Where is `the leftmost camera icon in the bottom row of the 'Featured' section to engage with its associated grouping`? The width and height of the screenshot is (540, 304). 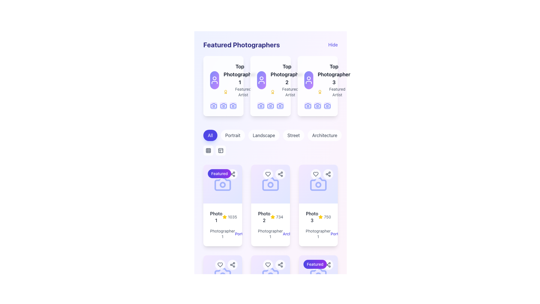 the leftmost camera icon in the bottom row of the 'Featured' section to engage with its associated grouping is located at coordinates (222, 184).